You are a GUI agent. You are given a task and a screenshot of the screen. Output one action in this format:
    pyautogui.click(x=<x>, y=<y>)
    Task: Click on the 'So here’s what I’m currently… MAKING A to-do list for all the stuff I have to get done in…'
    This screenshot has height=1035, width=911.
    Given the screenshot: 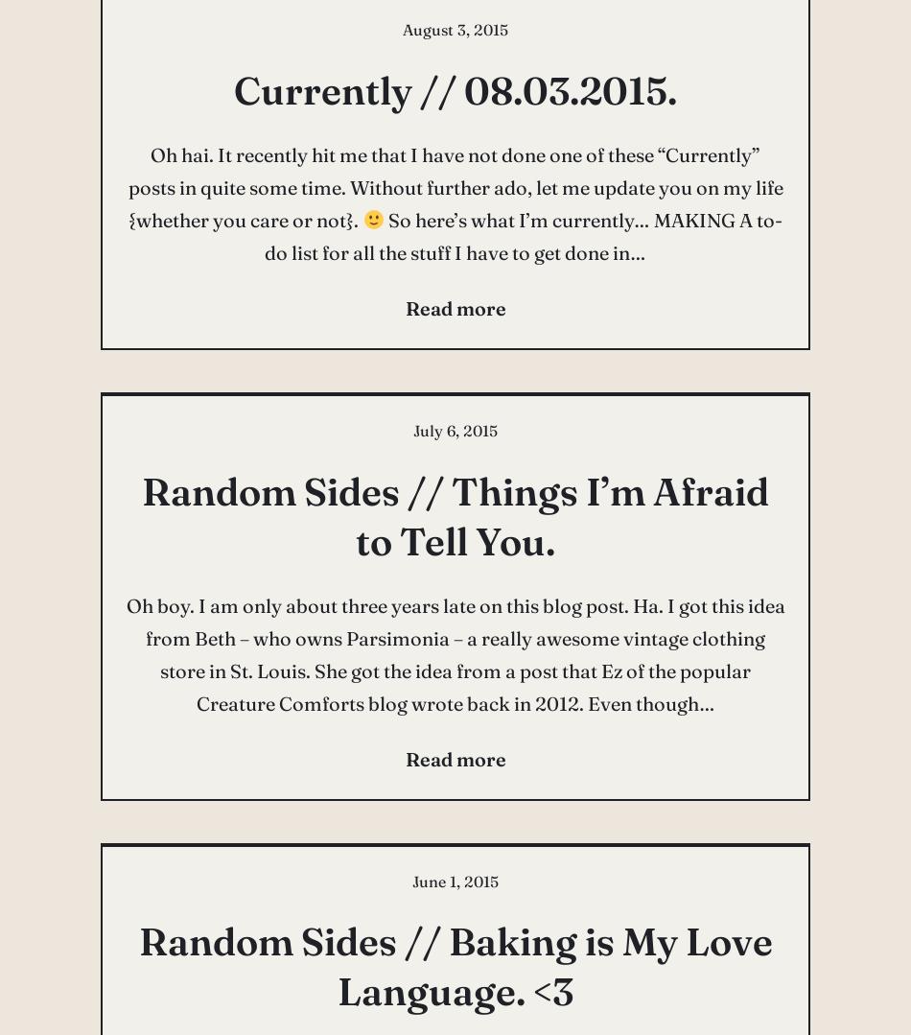 What is the action you would take?
    pyautogui.click(x=523, y=234)
    